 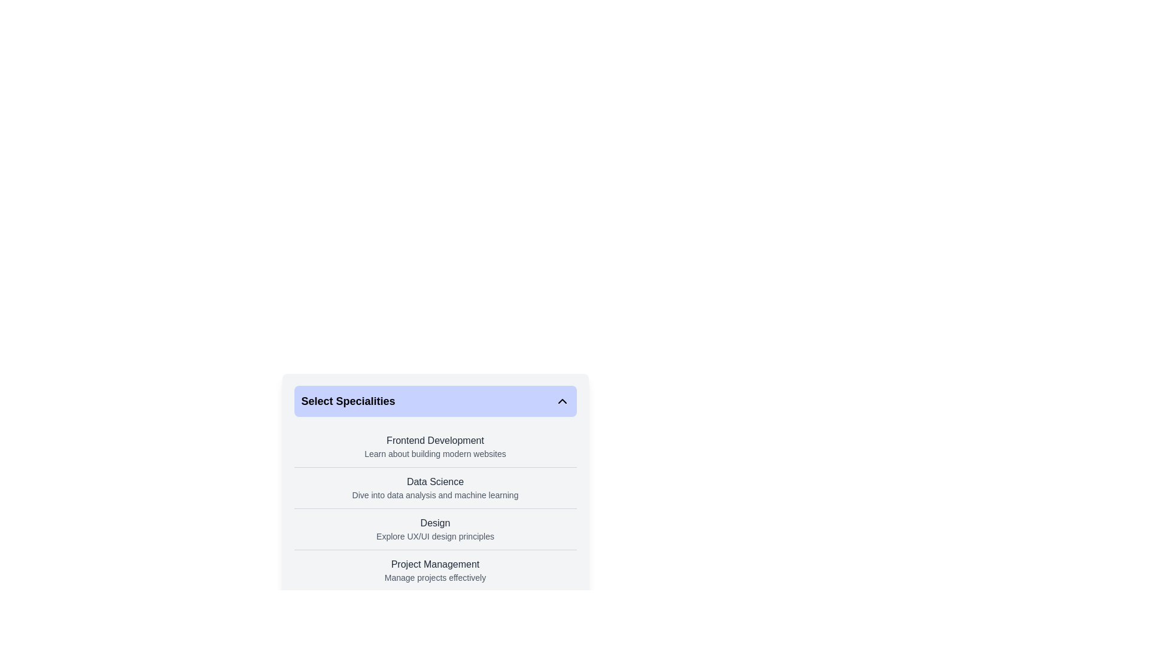 What do you see at coordinates (561, 401) in the screenshot?
I see `the downward-pointing chevron icon located on the right side of the 'Select Specialities' bar` at bounding box center [561, 401].